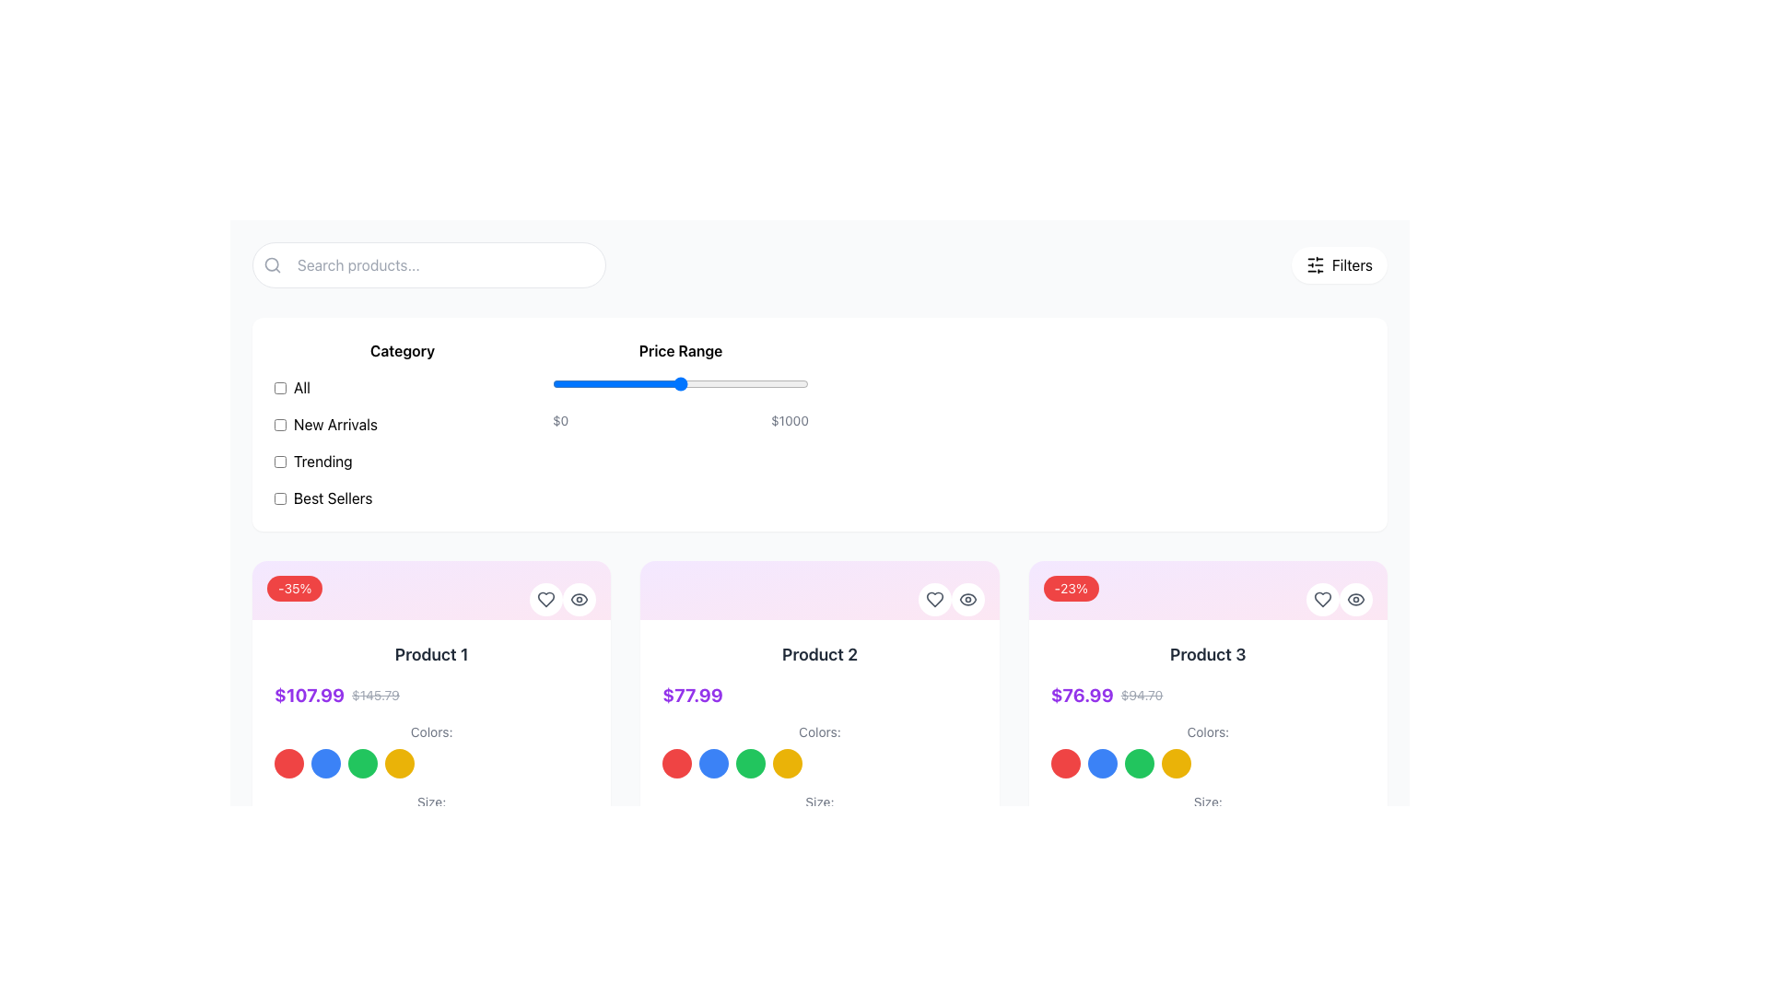  I want to click on the Text label indicating the minimum value for the price range, located in the top-center area of the interface, to the left of the '$1000' element, so click(559, 420).